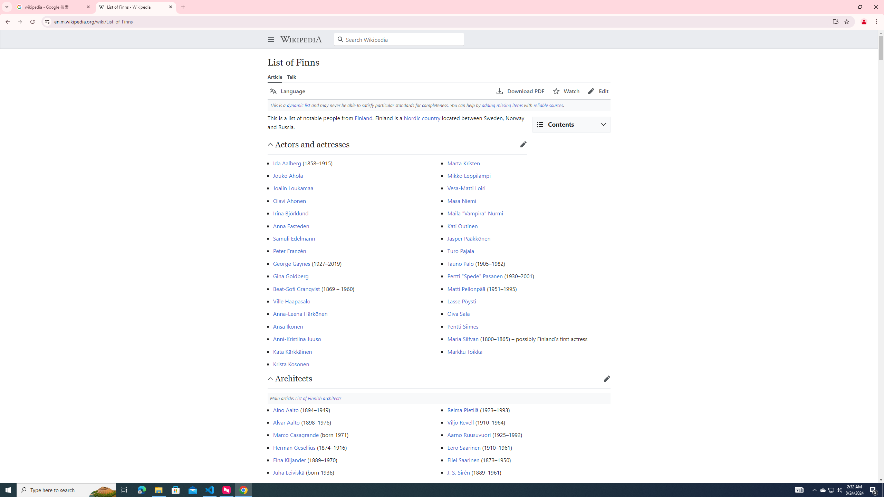 Image resolution: width=884 pixels, height=497 pixels. What do you see at coordinates (475, 275) in the screenshot?
I see `'Pertti "Spede" Pasanen'` at bounding box center [475, 275].